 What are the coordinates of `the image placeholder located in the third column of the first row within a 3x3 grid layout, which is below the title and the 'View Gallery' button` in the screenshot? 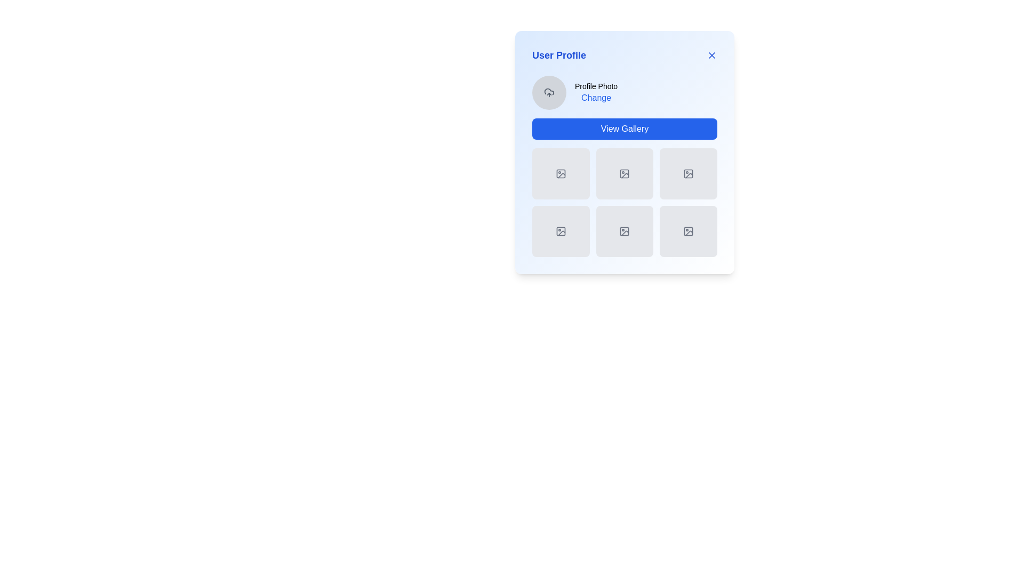 It's located at (689, 173).